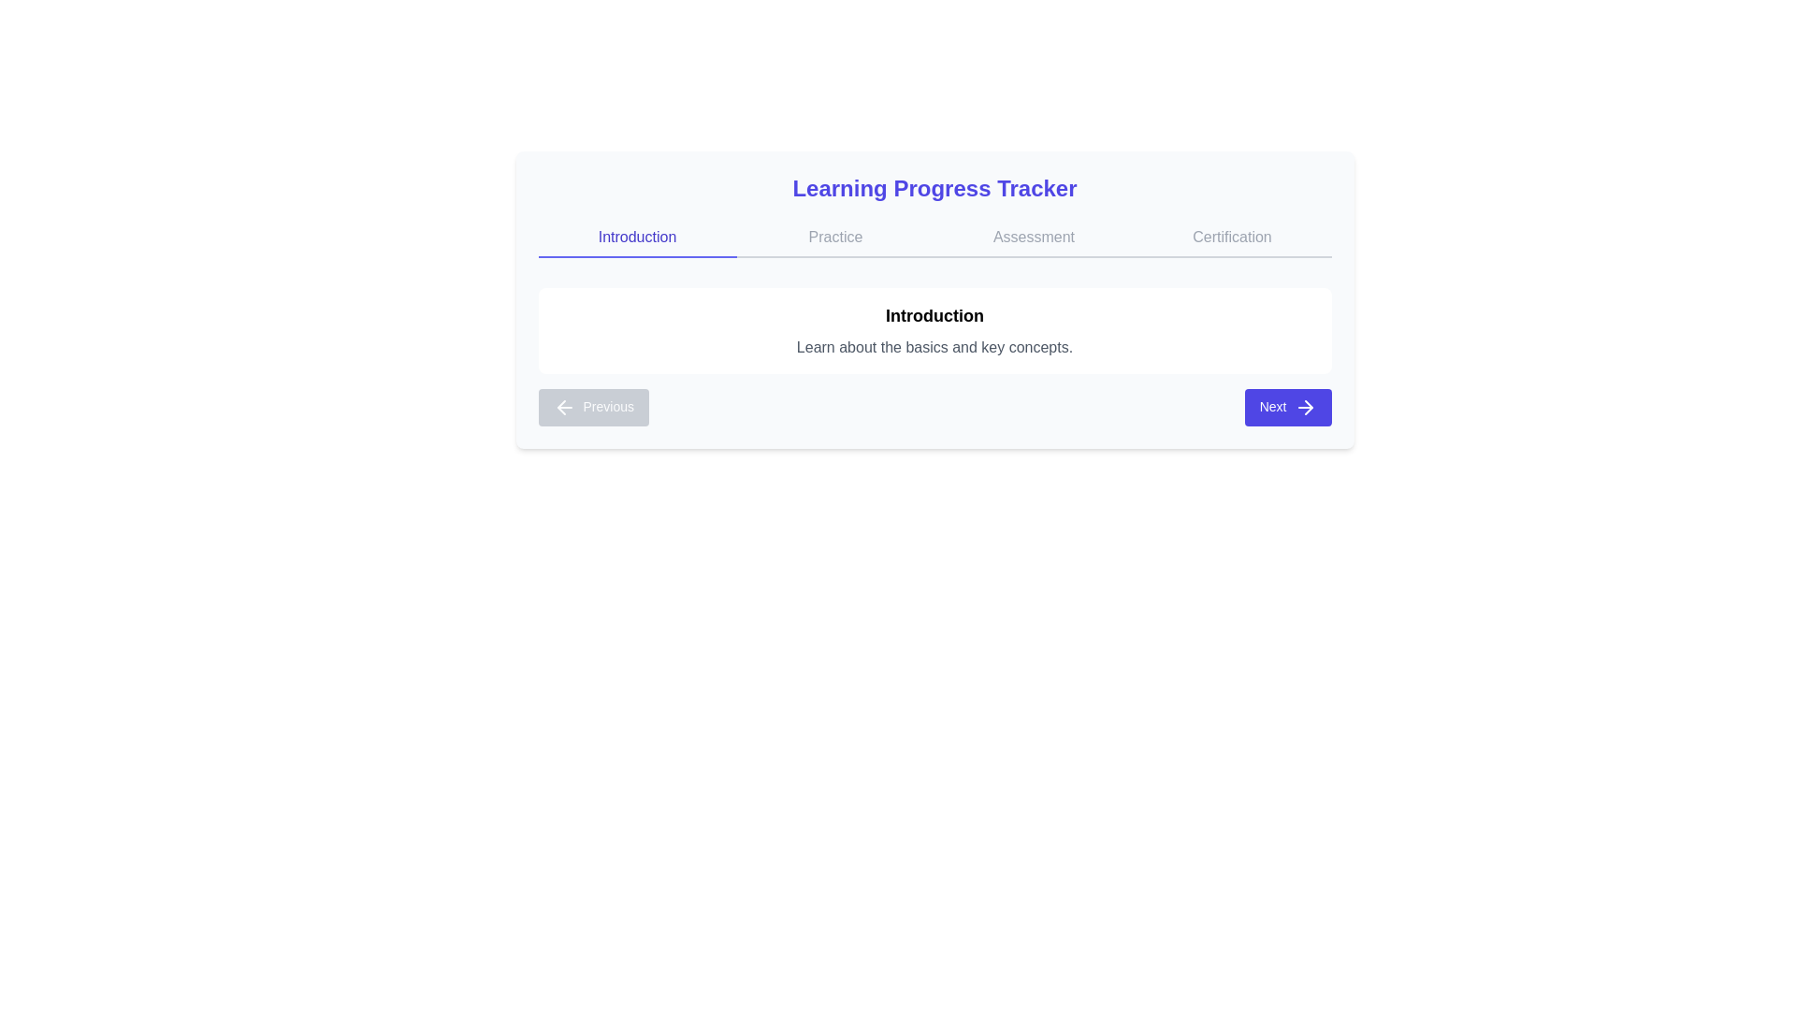 This screenshot has width=1796, height=1010. What do you see at coordinates (592, 406) in the screenshot?
I see `the navigation button Previous to move to the respective step` at bounding box center [592, 406].